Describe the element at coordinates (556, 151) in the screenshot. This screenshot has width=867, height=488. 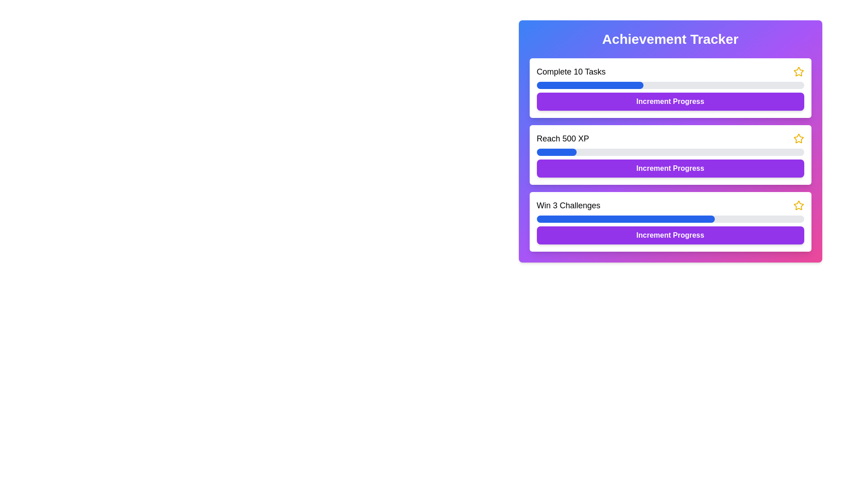
I see `the progress indicator within the second progress bar of the 'Achievement Tracker' UI that represents the progress towards '500 XP'` at that location.